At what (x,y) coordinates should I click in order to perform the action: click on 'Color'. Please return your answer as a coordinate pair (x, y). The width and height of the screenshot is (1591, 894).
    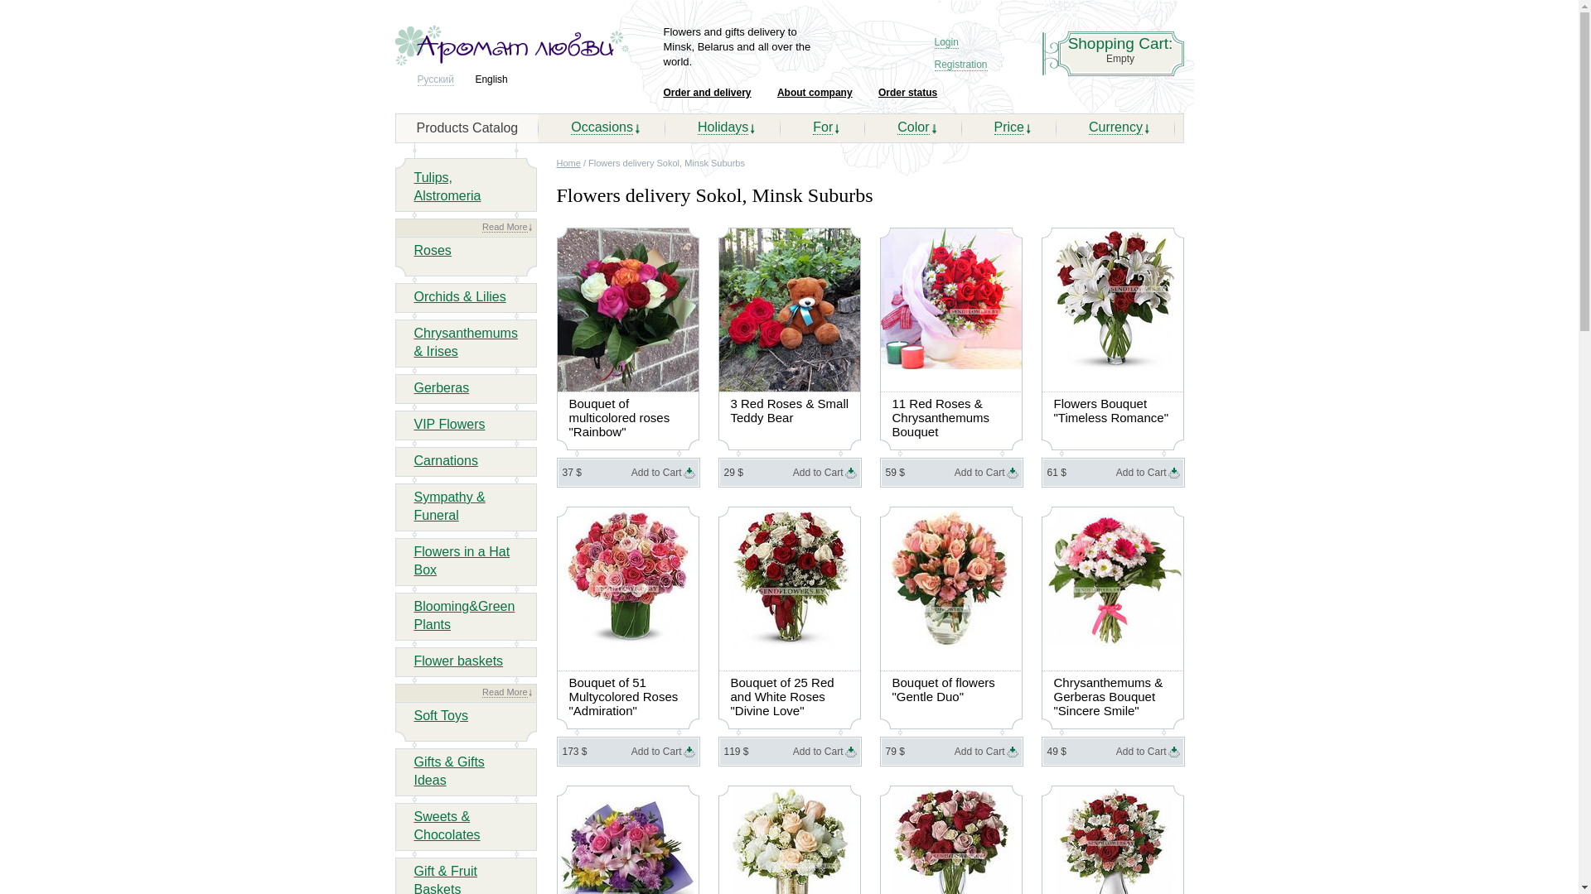
    Looking at the image, I should click on (912, 127).